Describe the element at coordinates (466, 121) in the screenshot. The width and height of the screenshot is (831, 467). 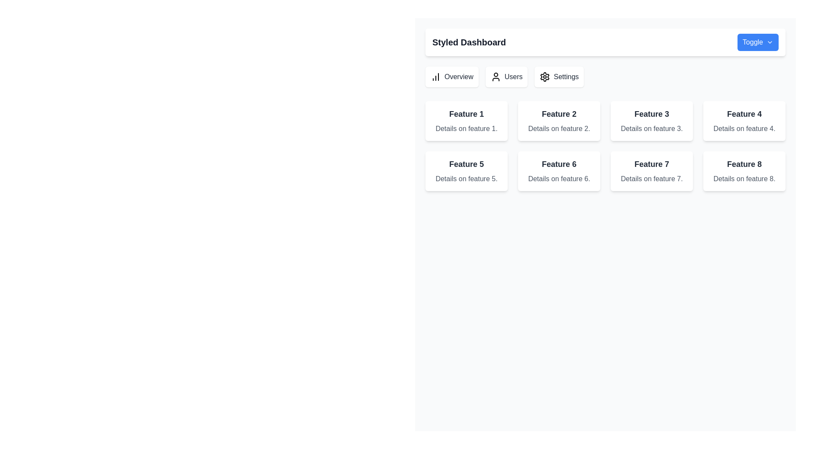
I see `the first informative card displaying a summary about 'Feature 1', located at the top-left corner of the grid layout` at that location.